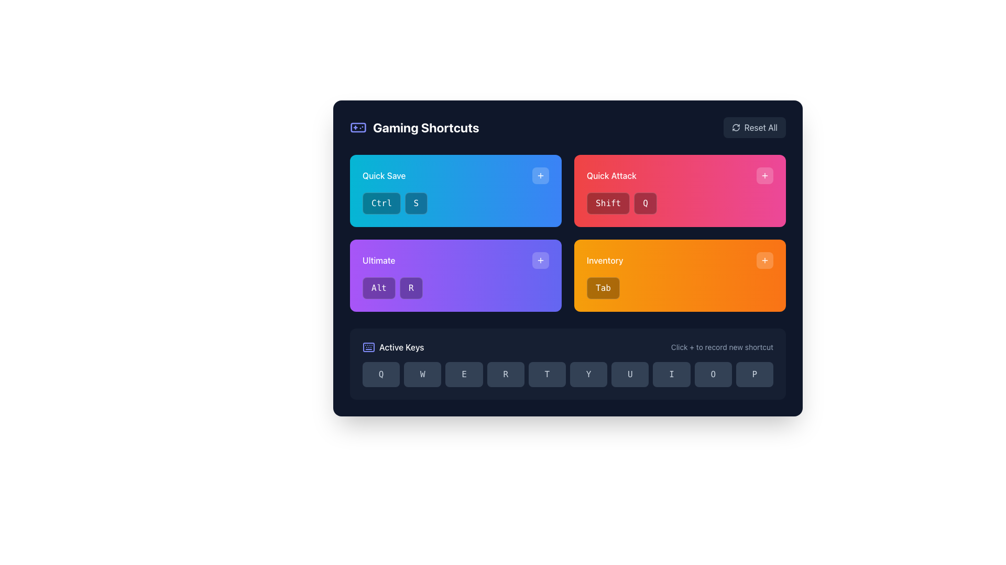  I want to click on the keyboard shortcut display consisting of the adjacent 'Alt' and 'R' buttons with a dark translucent background located in the lower section of the 'Ultimate' purple card, so click(455, 288).